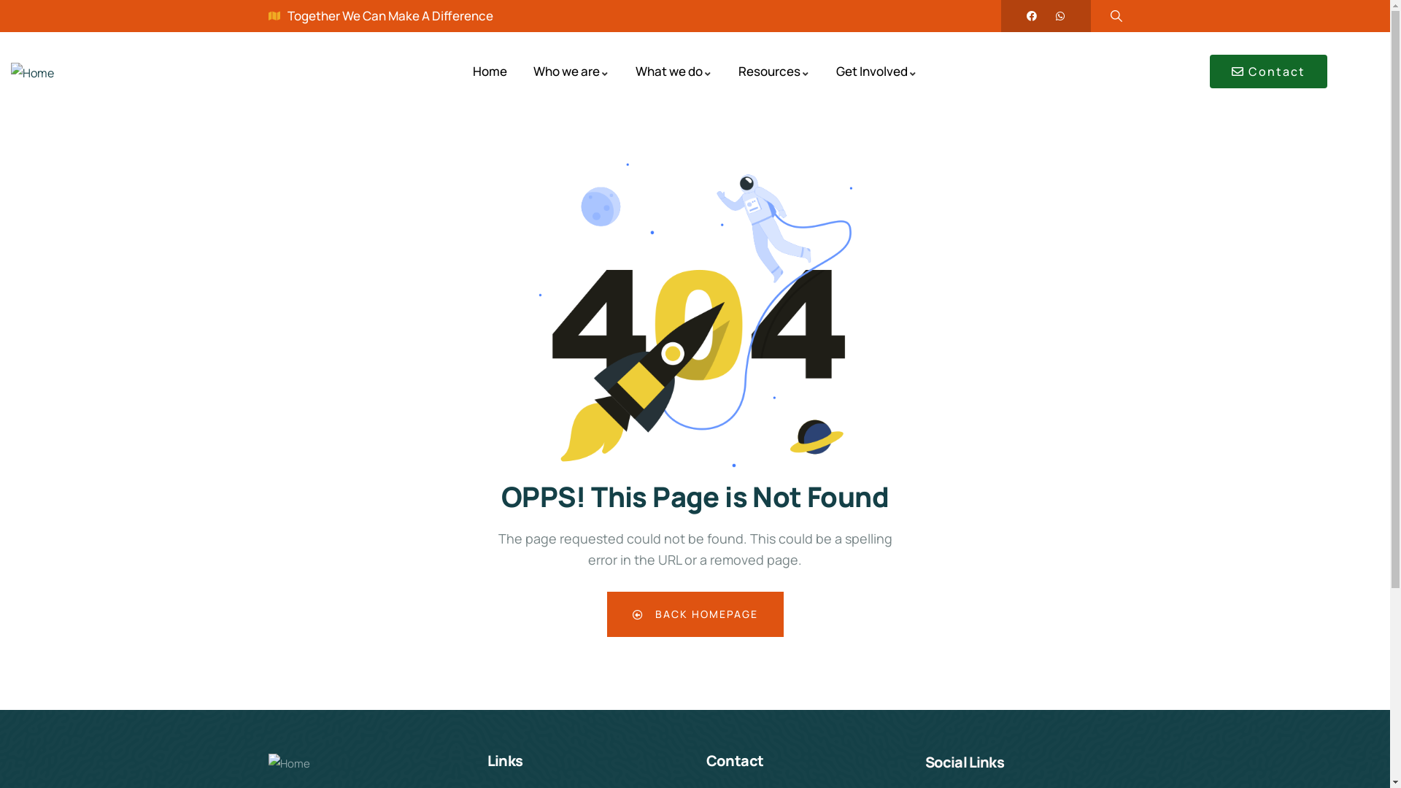 The width and height of the screenshot is (1401, 788). What do you see at coordinates (695, 614) in the screenshot?
I see `'BACK HOMEPAGE'` at bounding box center [695, 614].